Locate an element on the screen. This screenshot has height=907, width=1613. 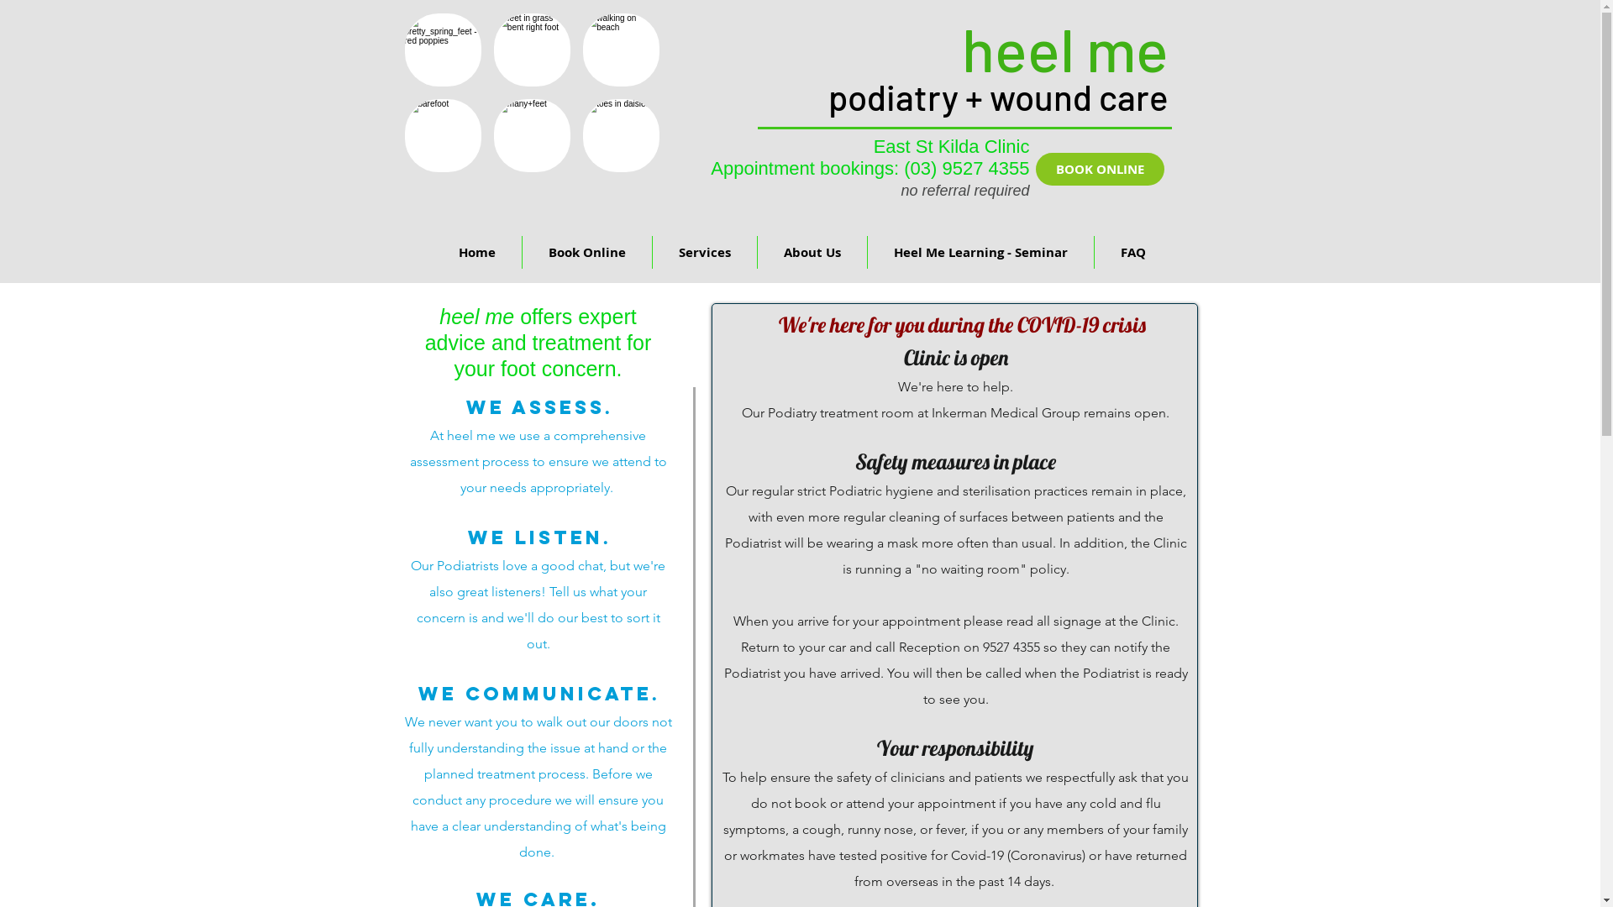
'Heel Me Learning - Seminar' is located at coordinates (980, 252).